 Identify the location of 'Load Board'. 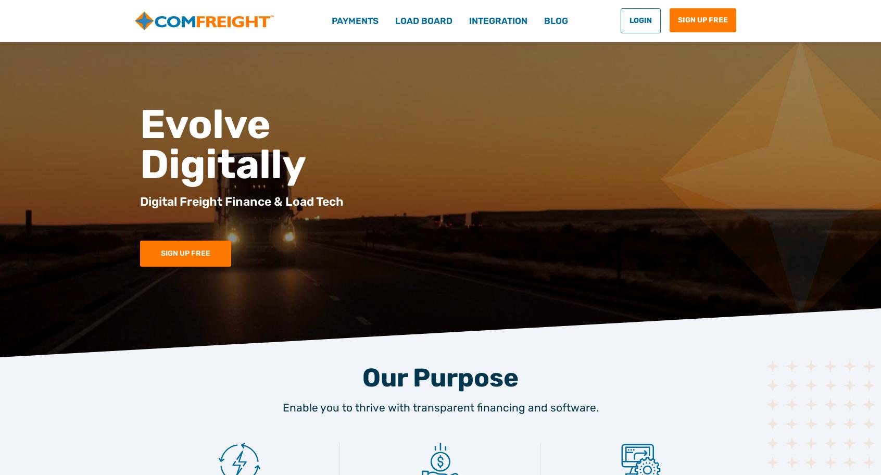
(423, 20).